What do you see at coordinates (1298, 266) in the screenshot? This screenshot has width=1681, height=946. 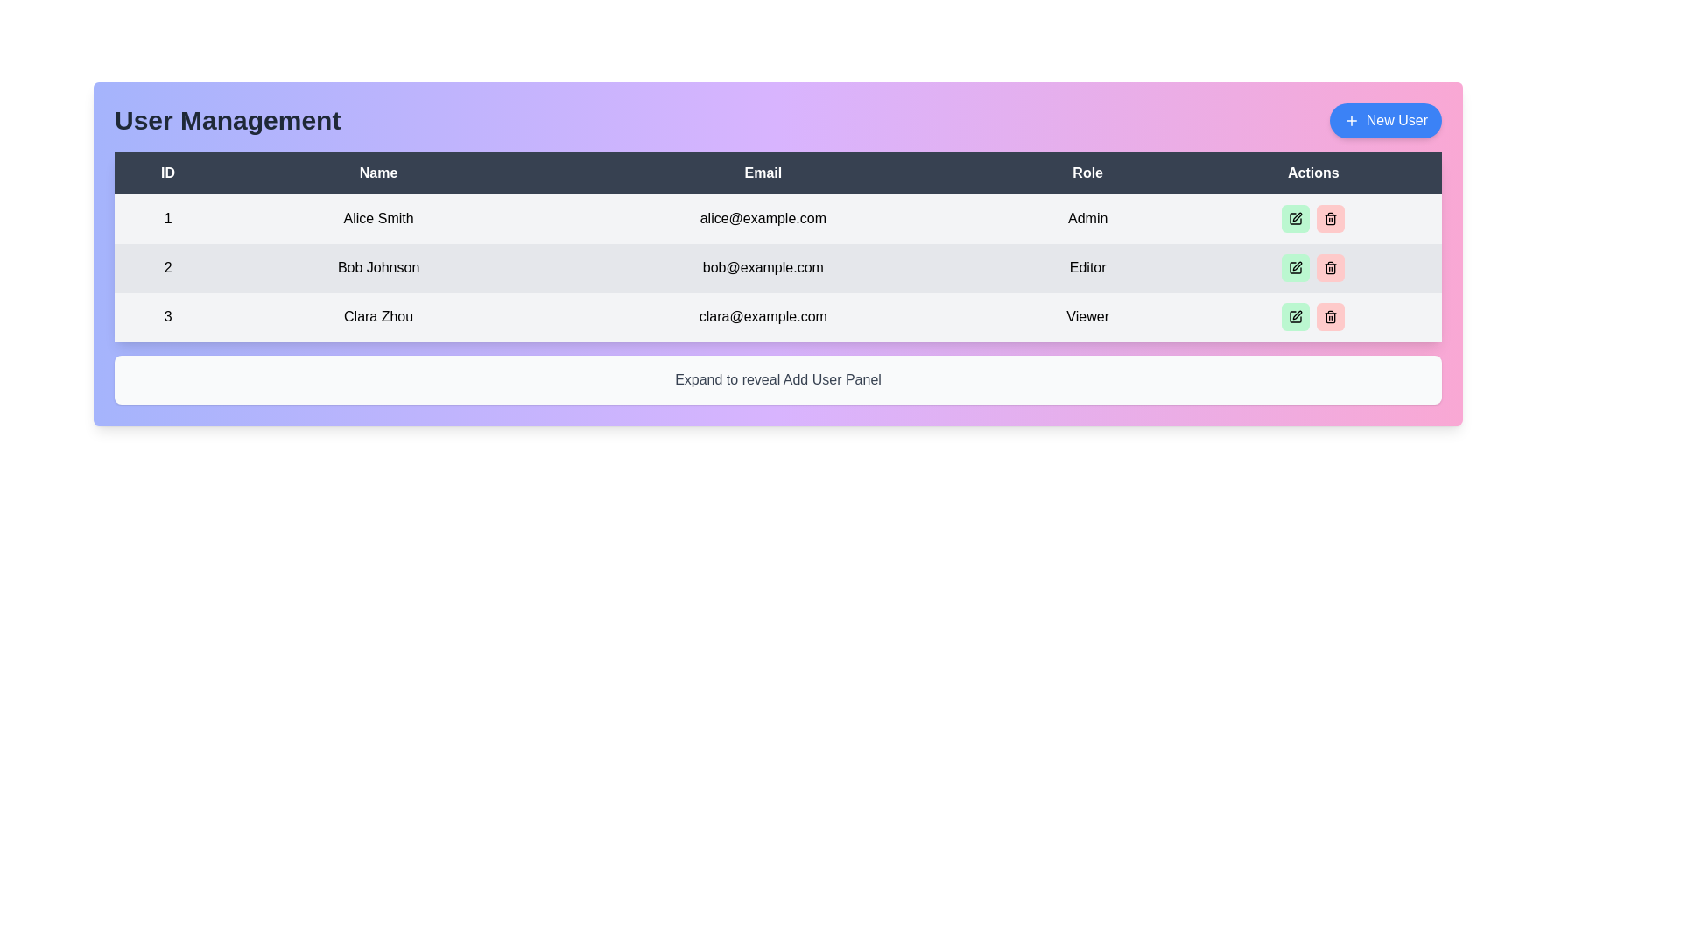 I see `the pen-shaped icon in the 'Actions' column of the second row corresponding to 'Bob Johnson'` at bounding box center [1298, 266].